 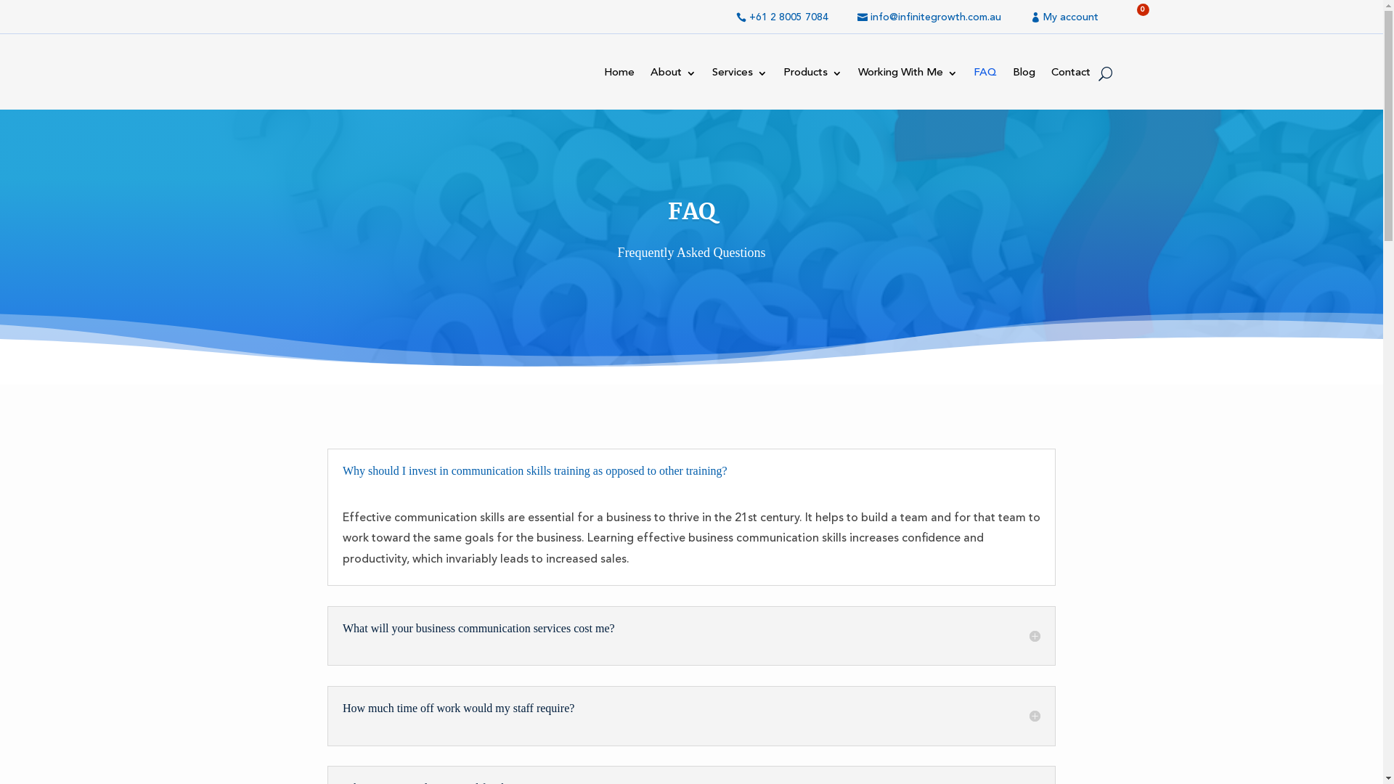 I want to click on 'Services', so click(x=738, y=75).